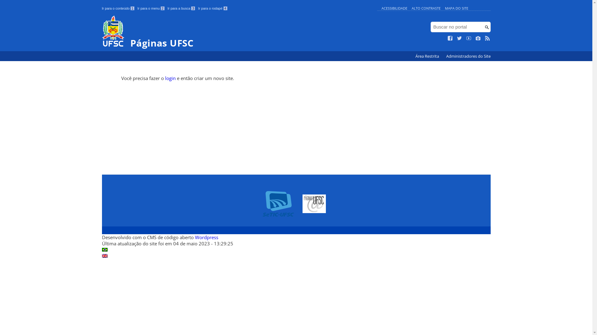  Describe the element at coordinates (468, 56) in the screenshot. I see `'Administradores do Site'` at that location.